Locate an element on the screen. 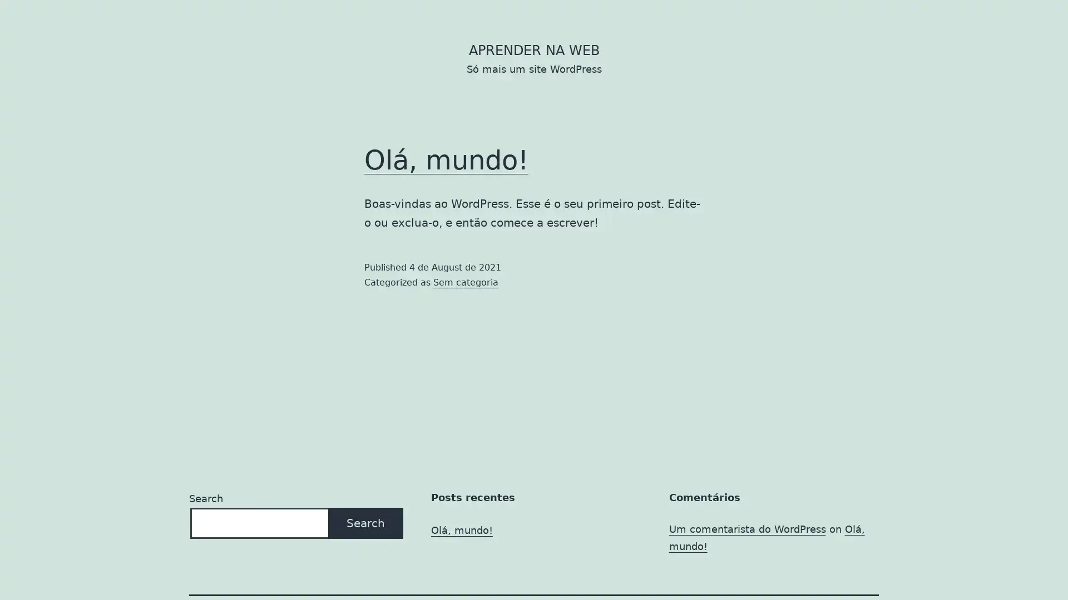  Search is located at coordinates (365, 523).